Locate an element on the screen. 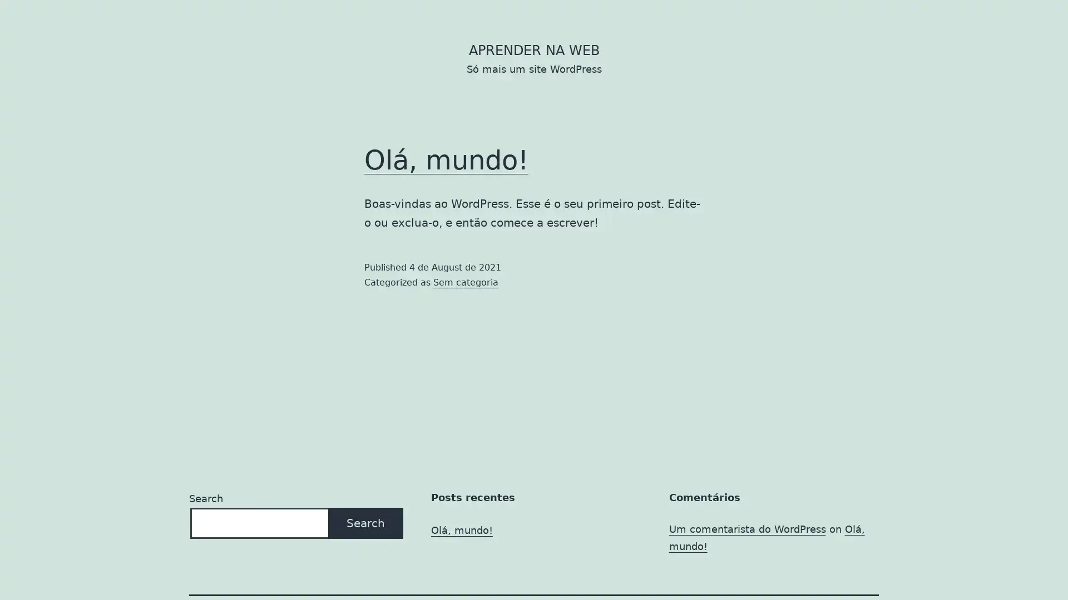  Search is located at coordinates (365, 523).